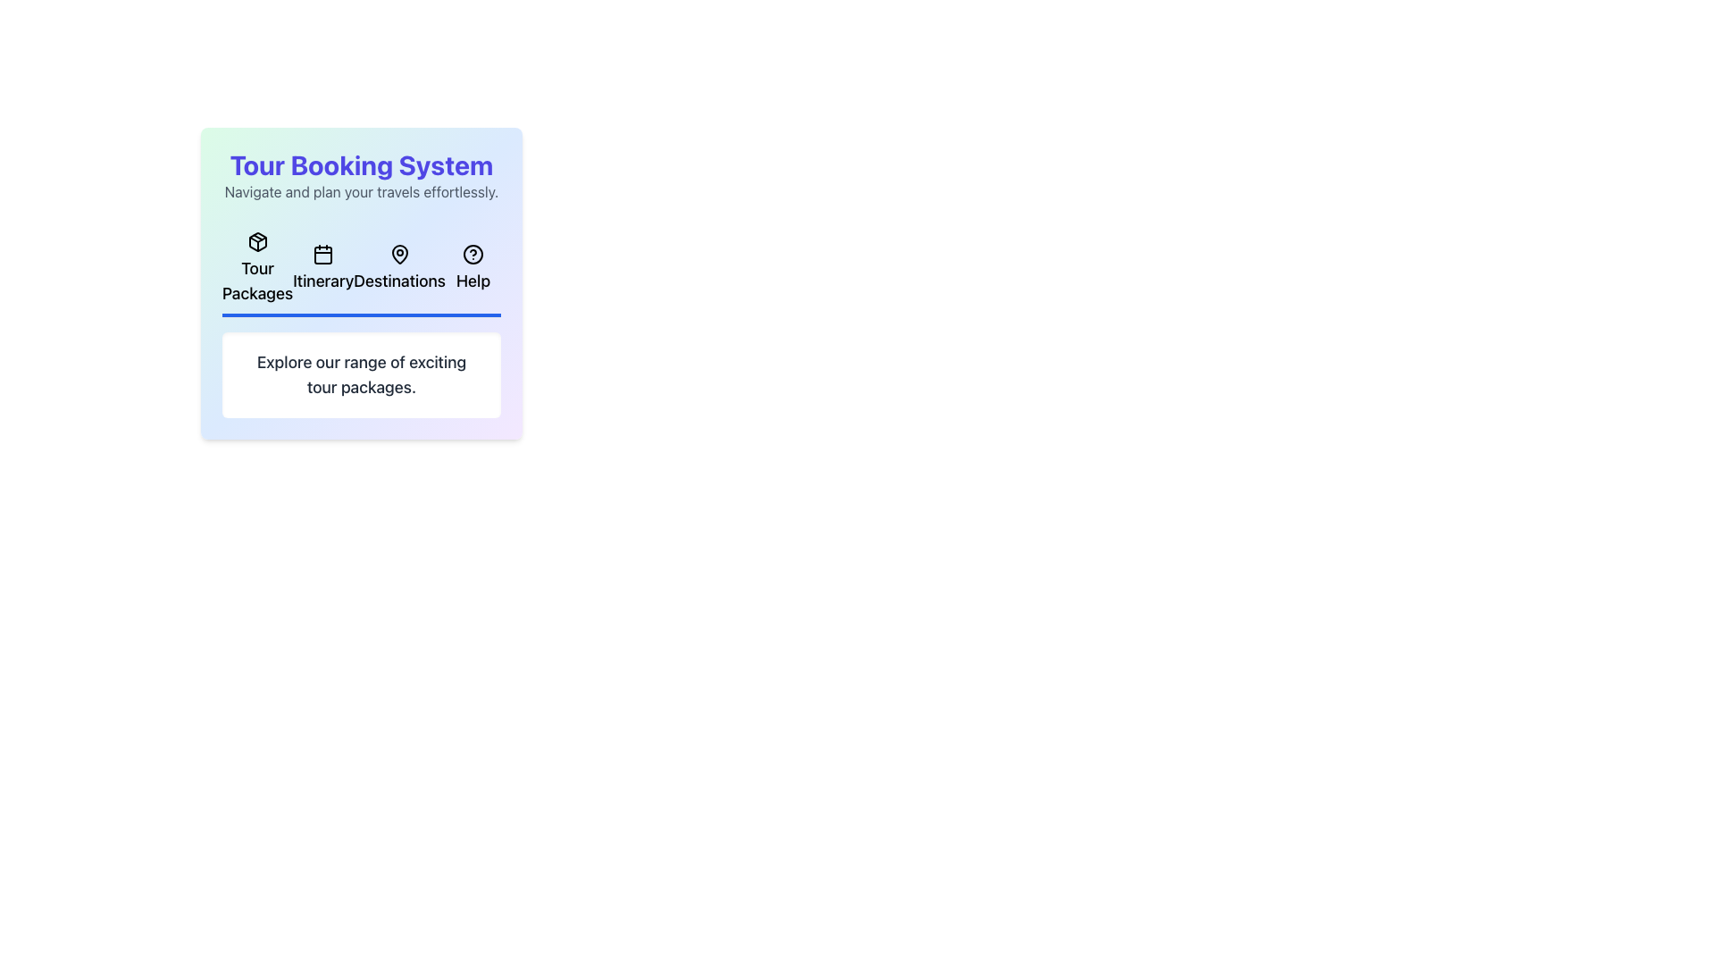 The height and width of the screenshot is (965, 1715). What do you see at coordinates (473, 271) in the screenshot?
I see `the fourth button in the navigation bar that directs users to the help or support section` at bounding box center [473, 271].